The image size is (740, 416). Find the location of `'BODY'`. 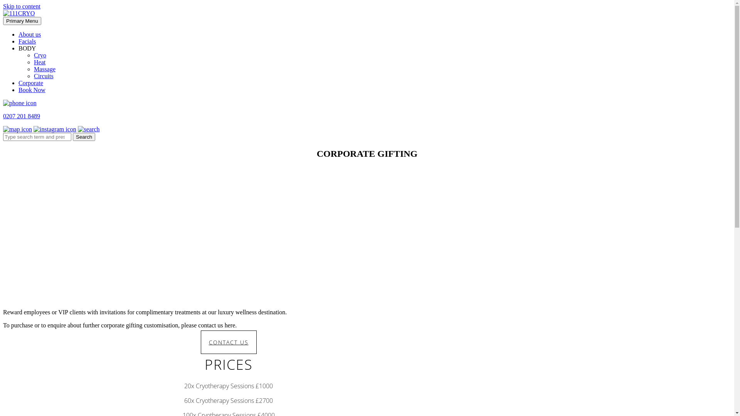

'BODY' is located at coordinates (27, 48).